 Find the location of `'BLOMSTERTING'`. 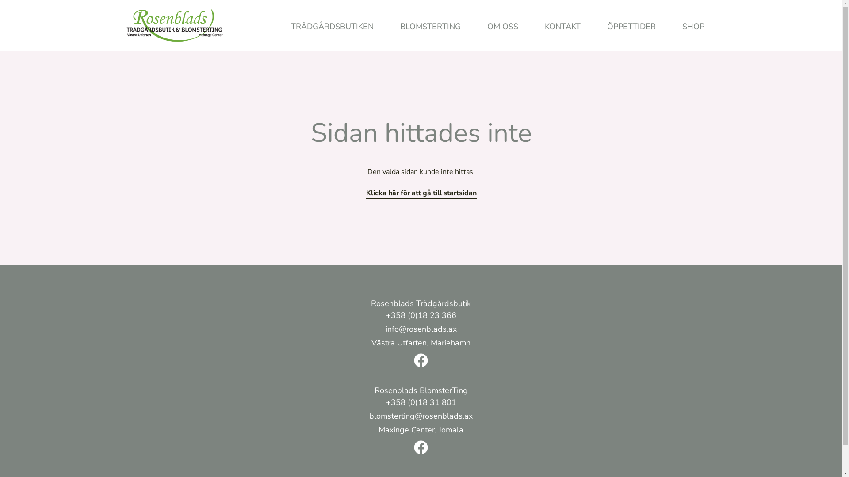

'BLOMSTERTING' is located at coordinates (386, 26).